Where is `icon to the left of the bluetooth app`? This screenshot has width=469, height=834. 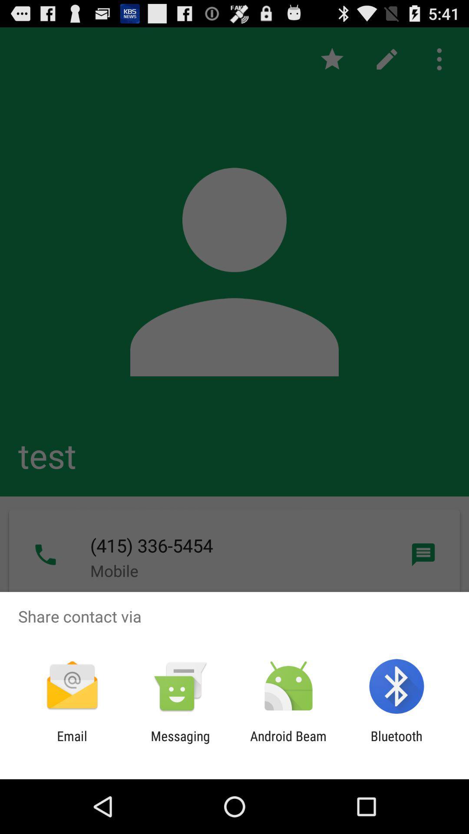
icon to the left of the bluetooth app is located at coordinates (288, 743).